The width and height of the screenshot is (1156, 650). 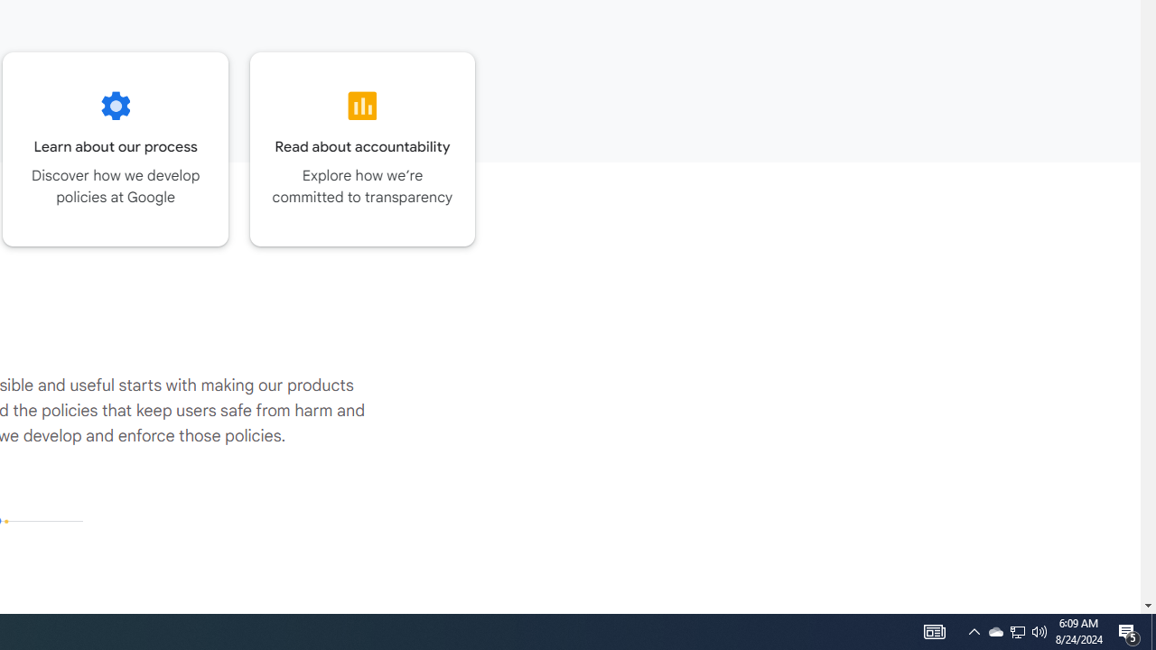 What do you see at coordinates (361, 148) in the screenshot?
I see `'Go to the Accountability page'` at bounding box center [361, 148].